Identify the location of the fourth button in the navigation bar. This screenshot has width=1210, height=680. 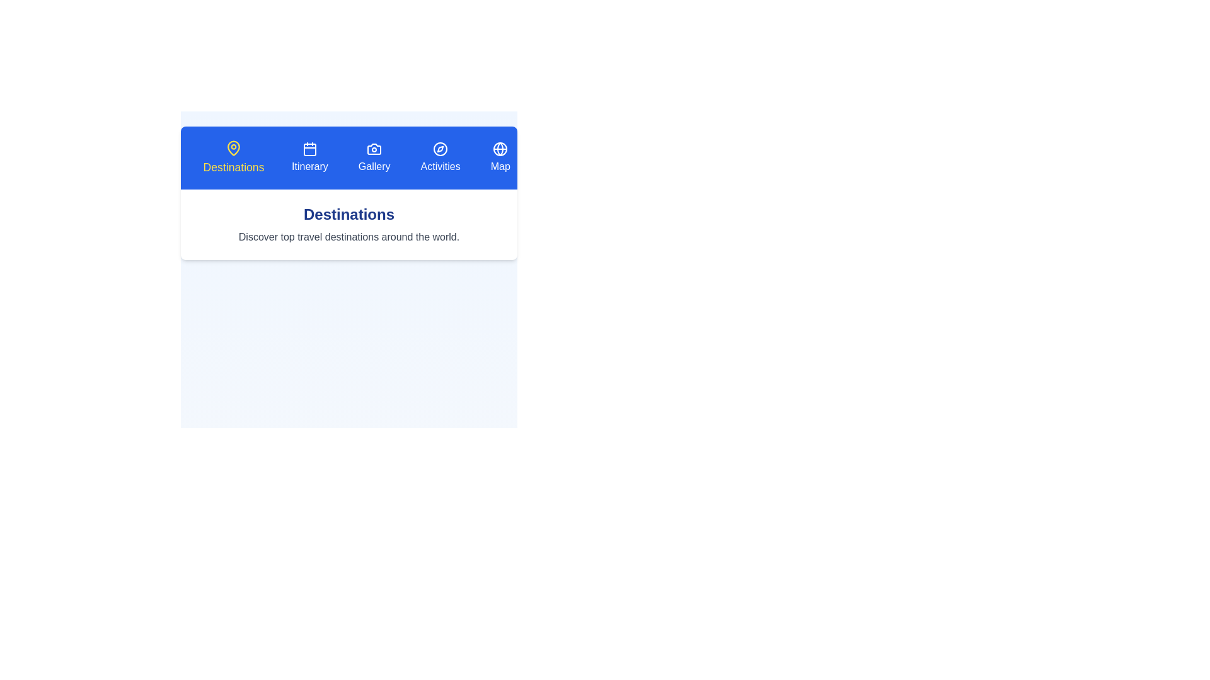
(441, 157).